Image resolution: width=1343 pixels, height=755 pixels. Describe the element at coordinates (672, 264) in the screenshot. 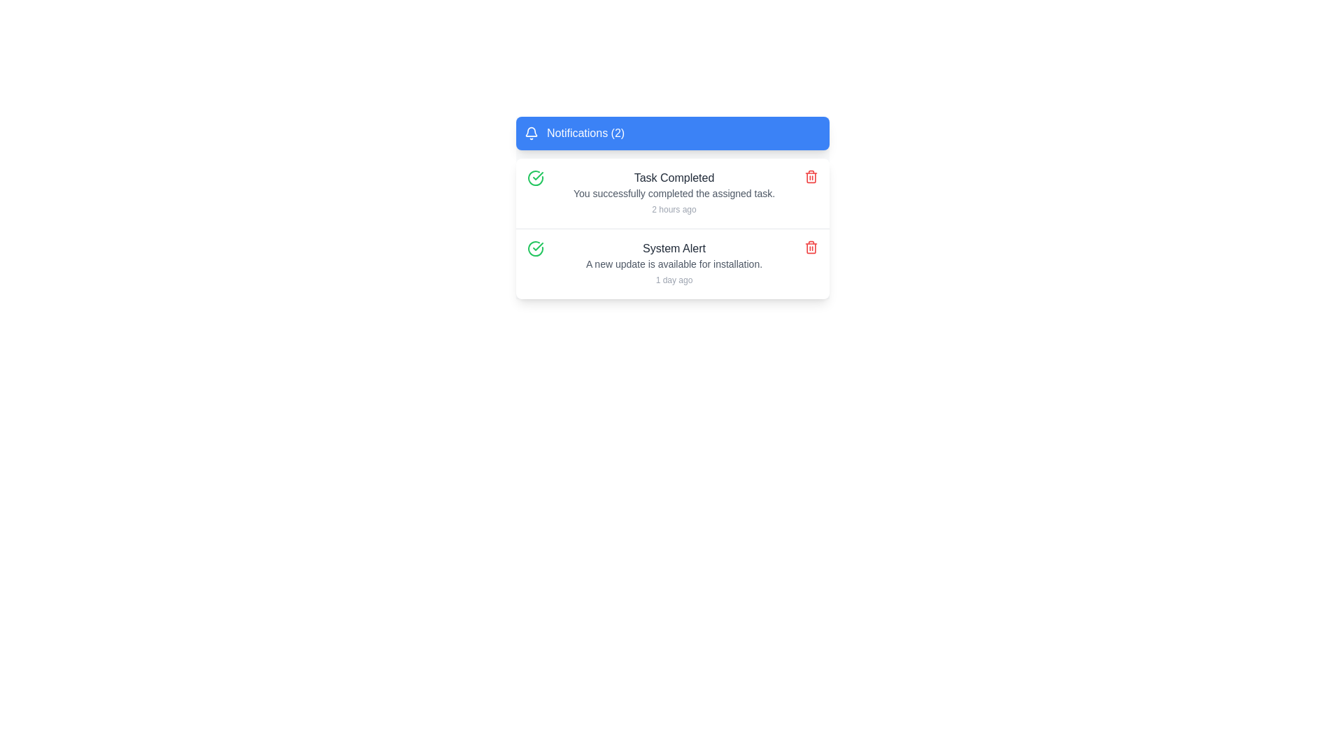

I see `the second notification card in the notification area` at that location.